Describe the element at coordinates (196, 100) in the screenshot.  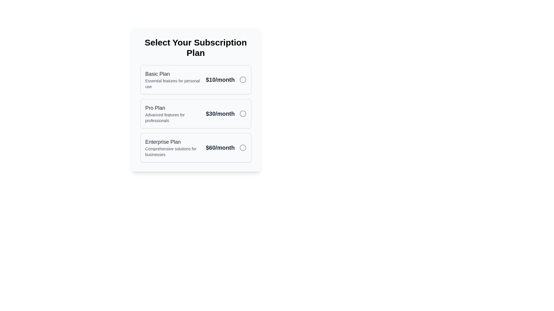
I see `the 'Pro Plan' subscription selectable box` at that location.